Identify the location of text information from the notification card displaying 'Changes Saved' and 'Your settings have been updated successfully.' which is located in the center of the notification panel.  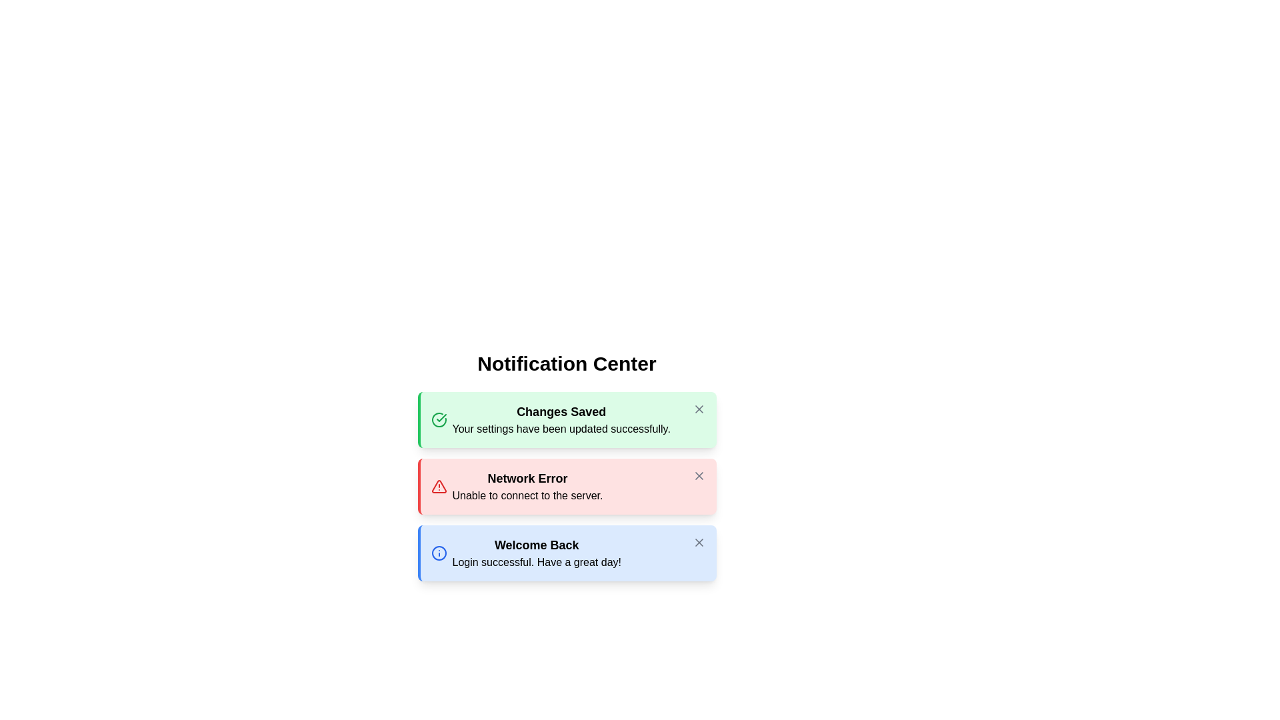
(561, 419).